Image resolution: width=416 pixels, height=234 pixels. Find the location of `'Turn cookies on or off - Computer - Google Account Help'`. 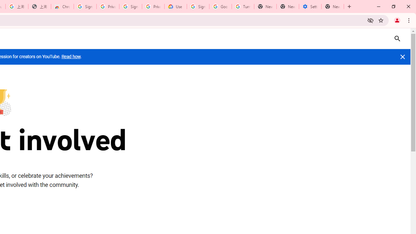

'Turn cookies on or off - Computer - Google Account Help' is located at coordinates (242, 6).